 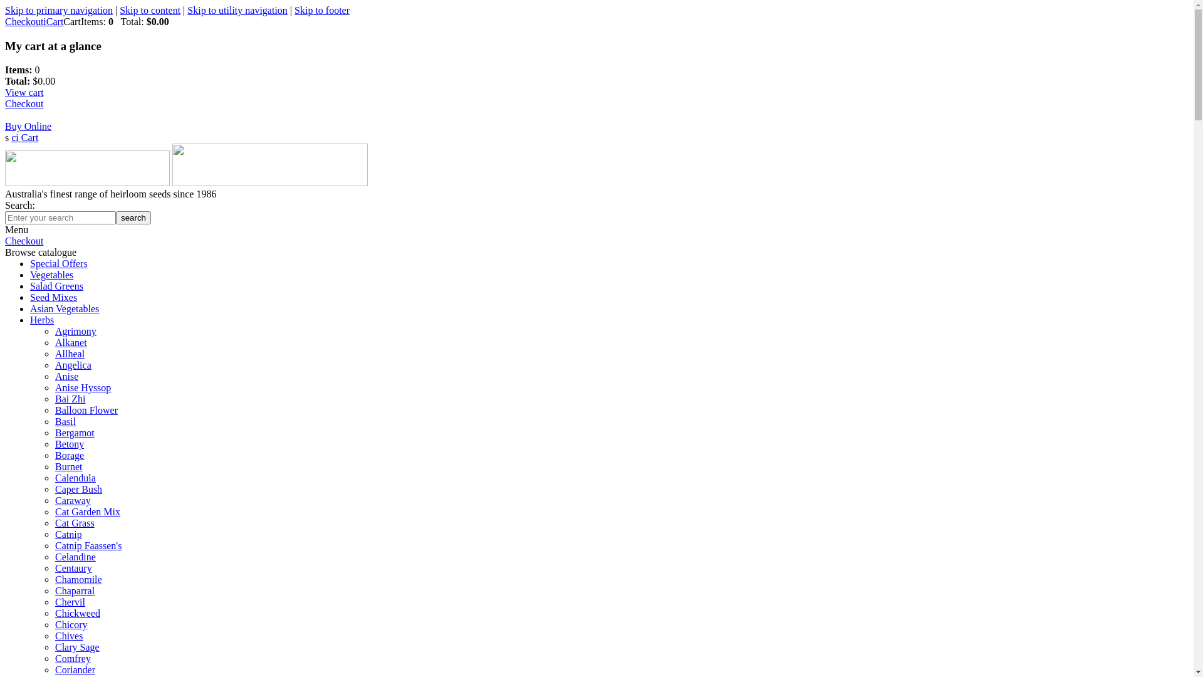 What do you see at coordinates (30, 308) in the screenshot?
I see `'Asian Vegetables'` at bounding box center [30, 308].